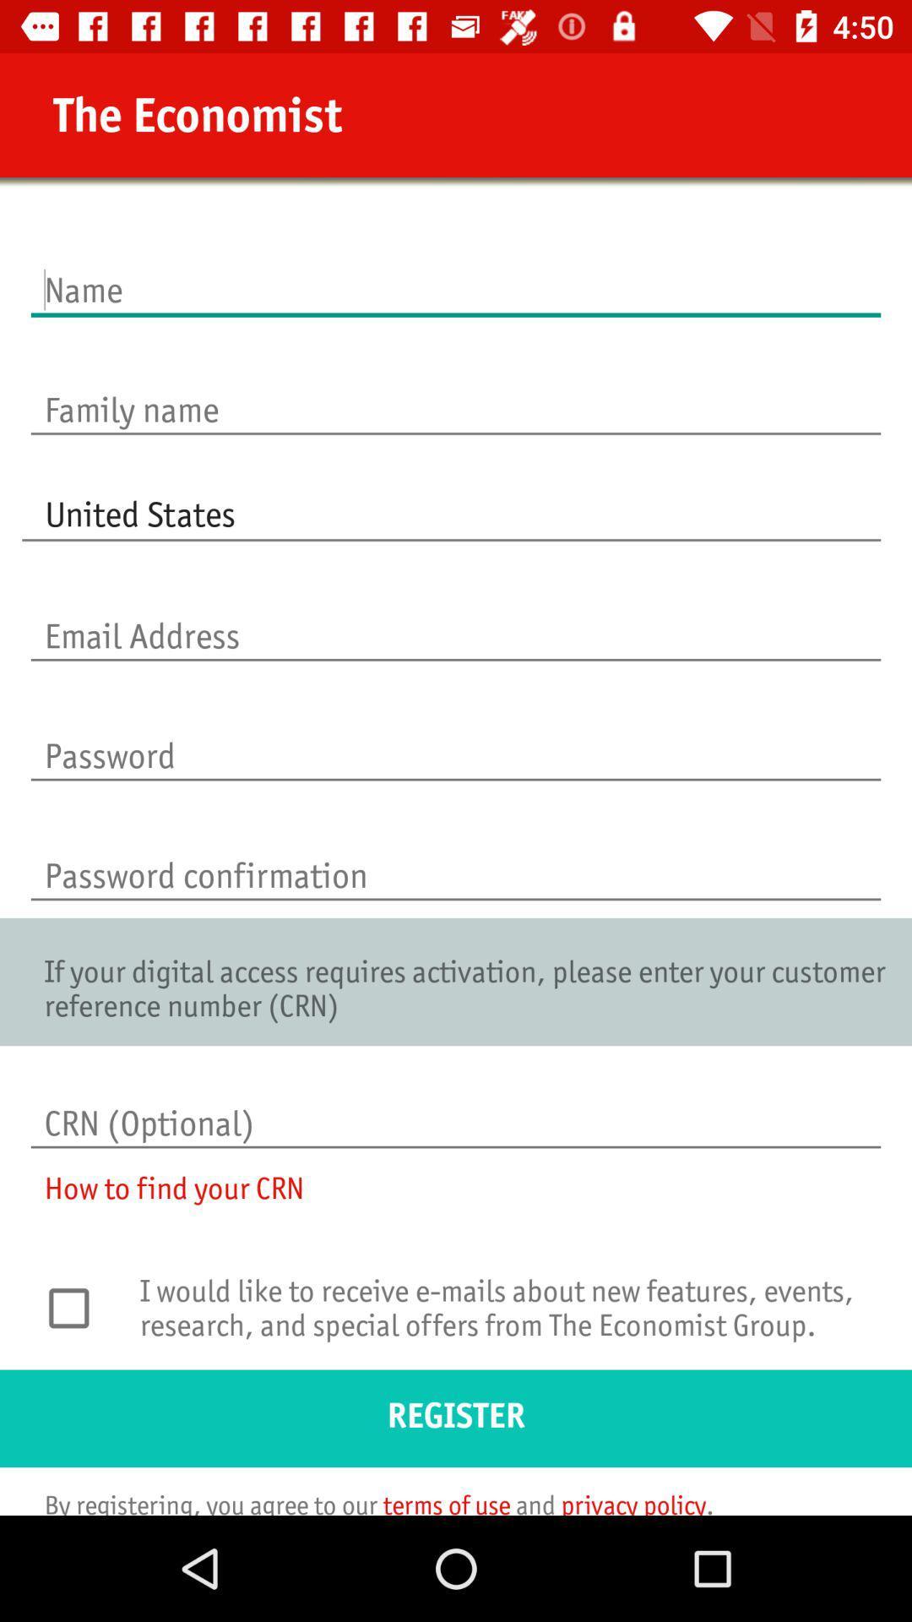  I want to click on first name, so click(456, 272).